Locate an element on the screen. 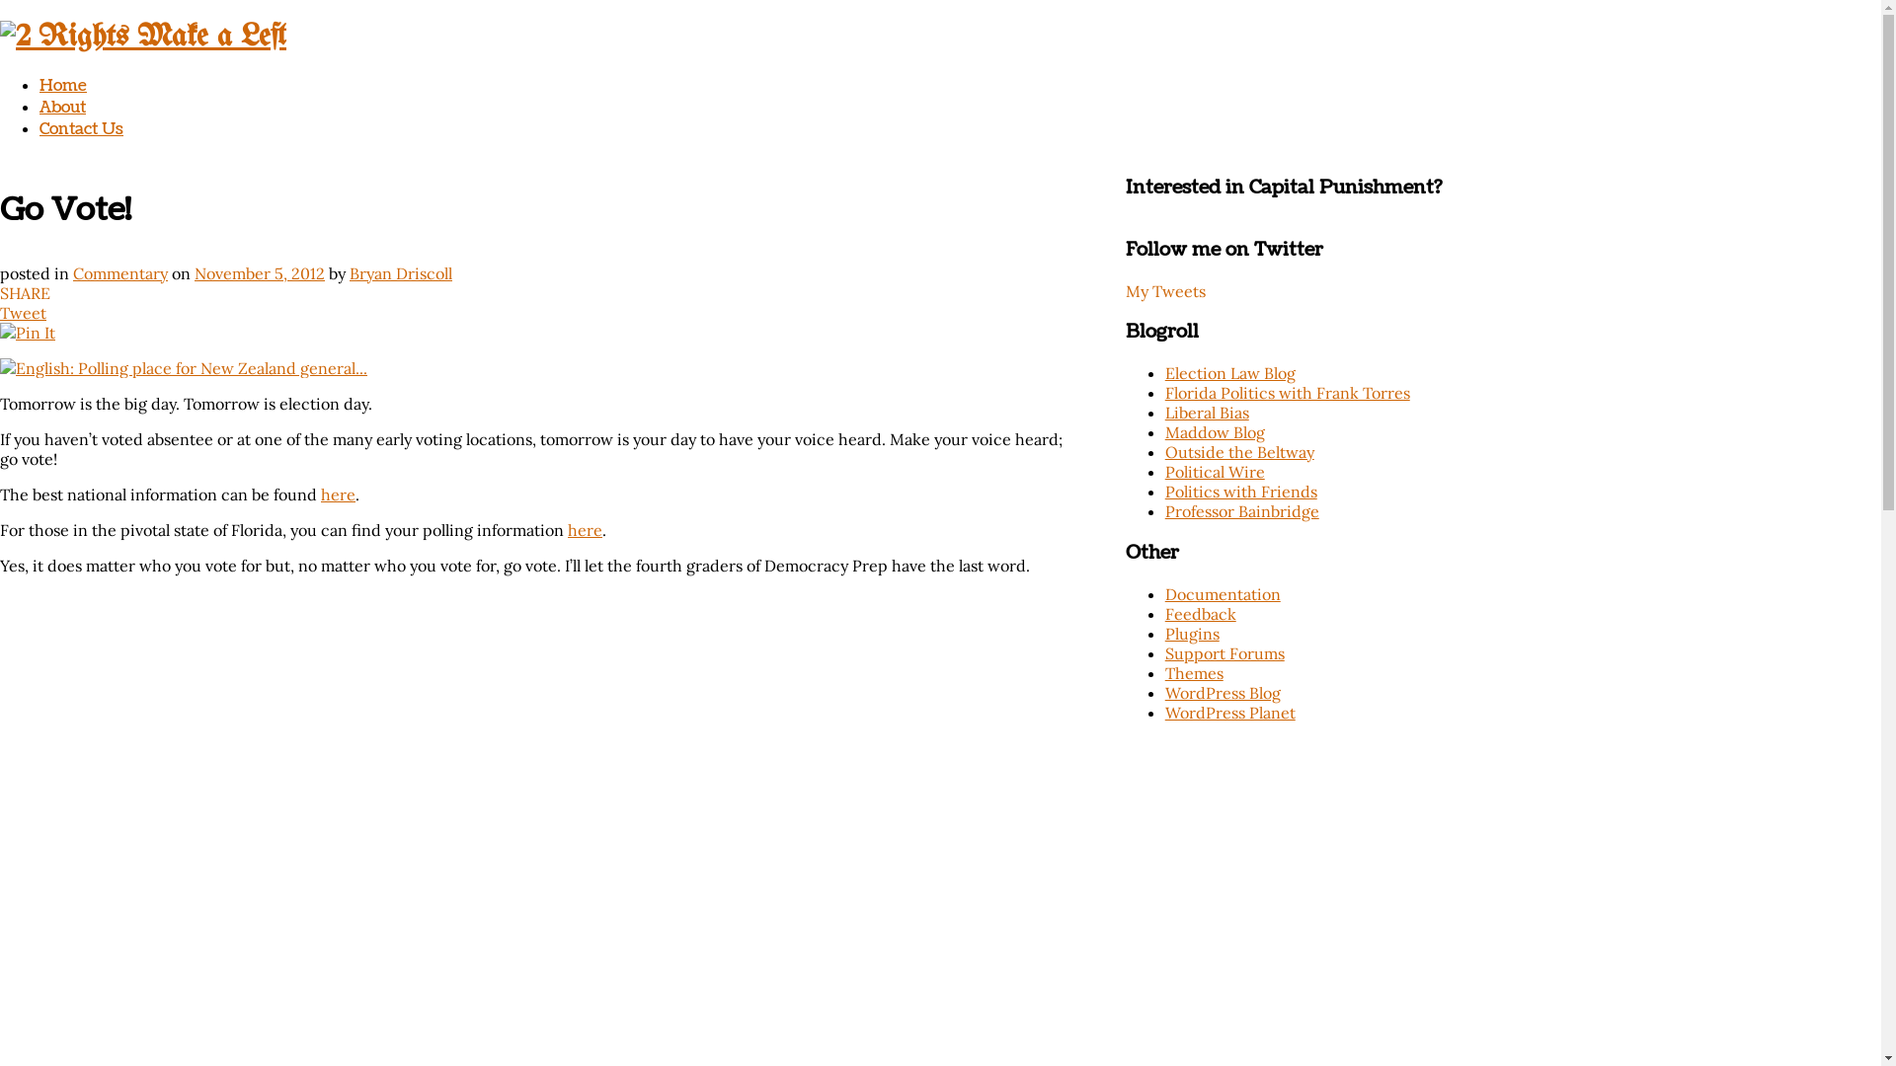 The width and height of the screenshot is (1896, 1066). 'Feedback' is located at coordinates (1199, 612).